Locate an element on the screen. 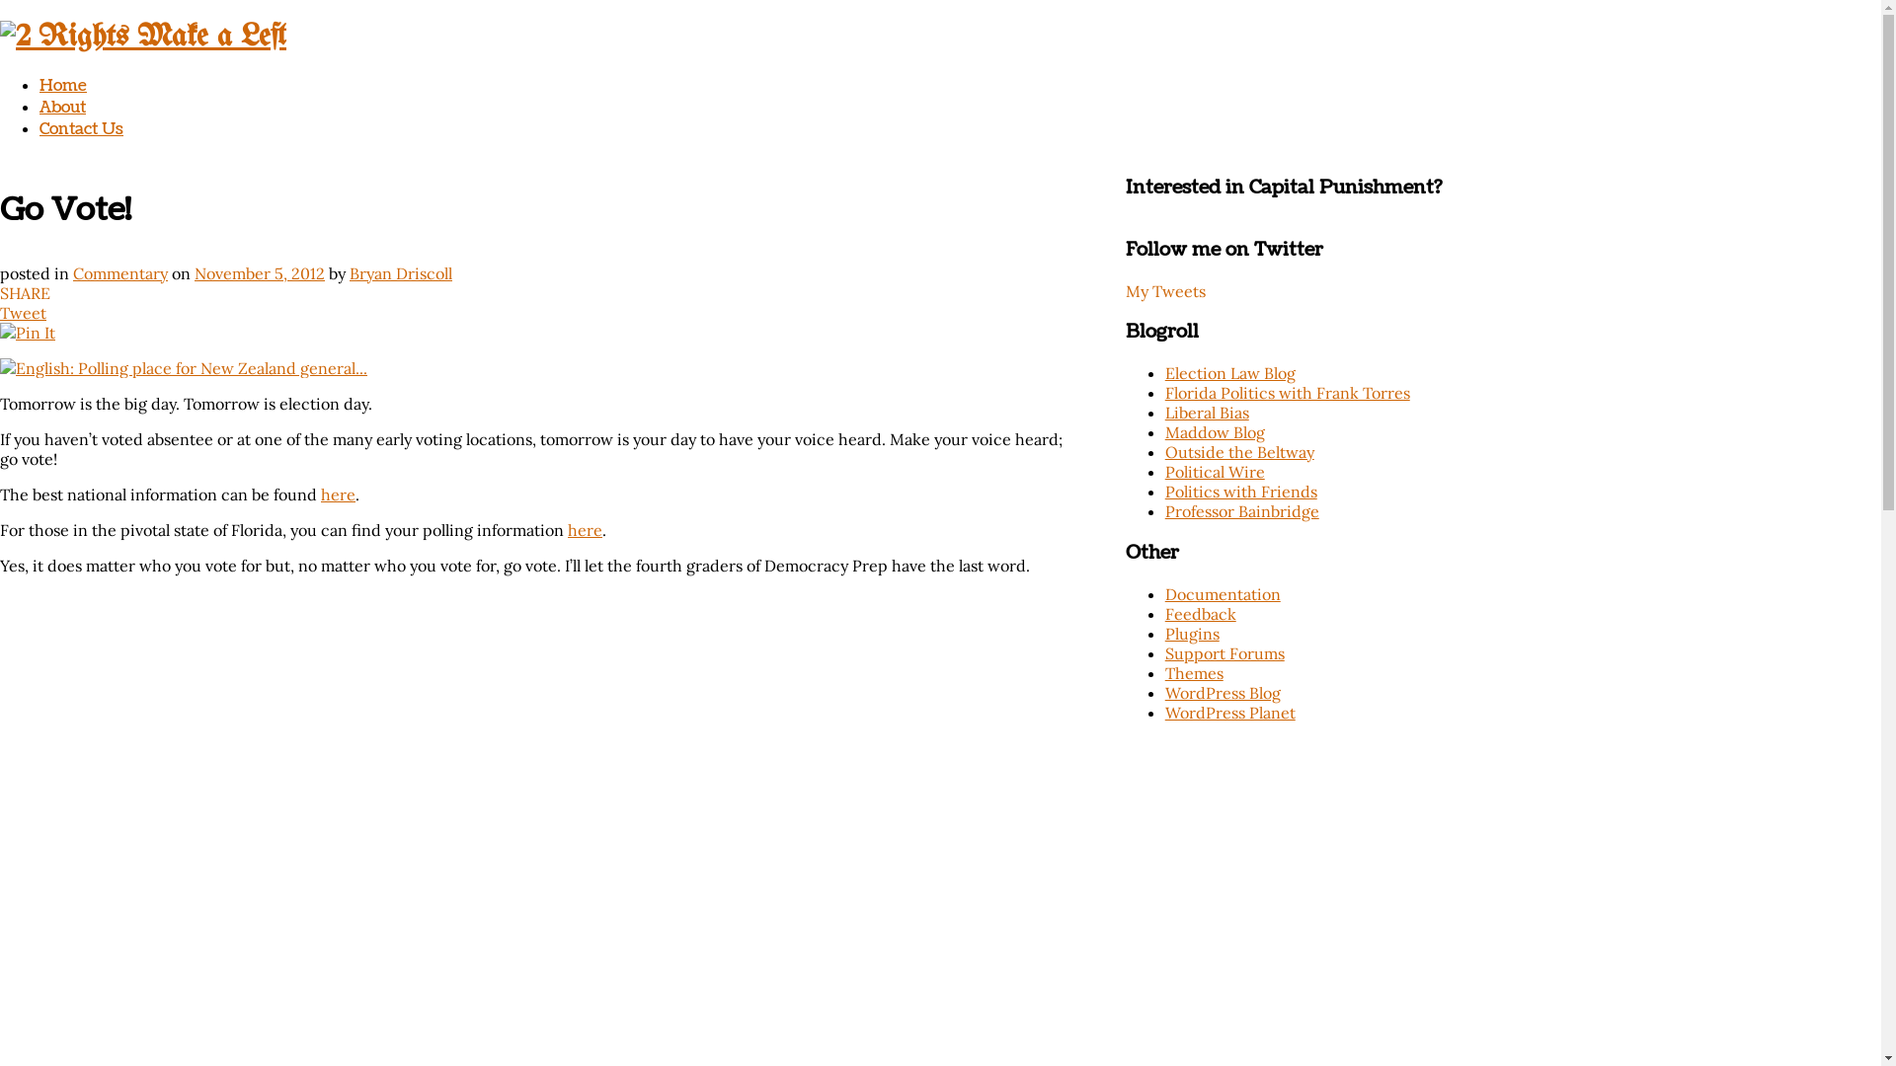 The width and height of the screenshot is (1896, 1066). 'Feedback' is located at coordinates (1199, 612).